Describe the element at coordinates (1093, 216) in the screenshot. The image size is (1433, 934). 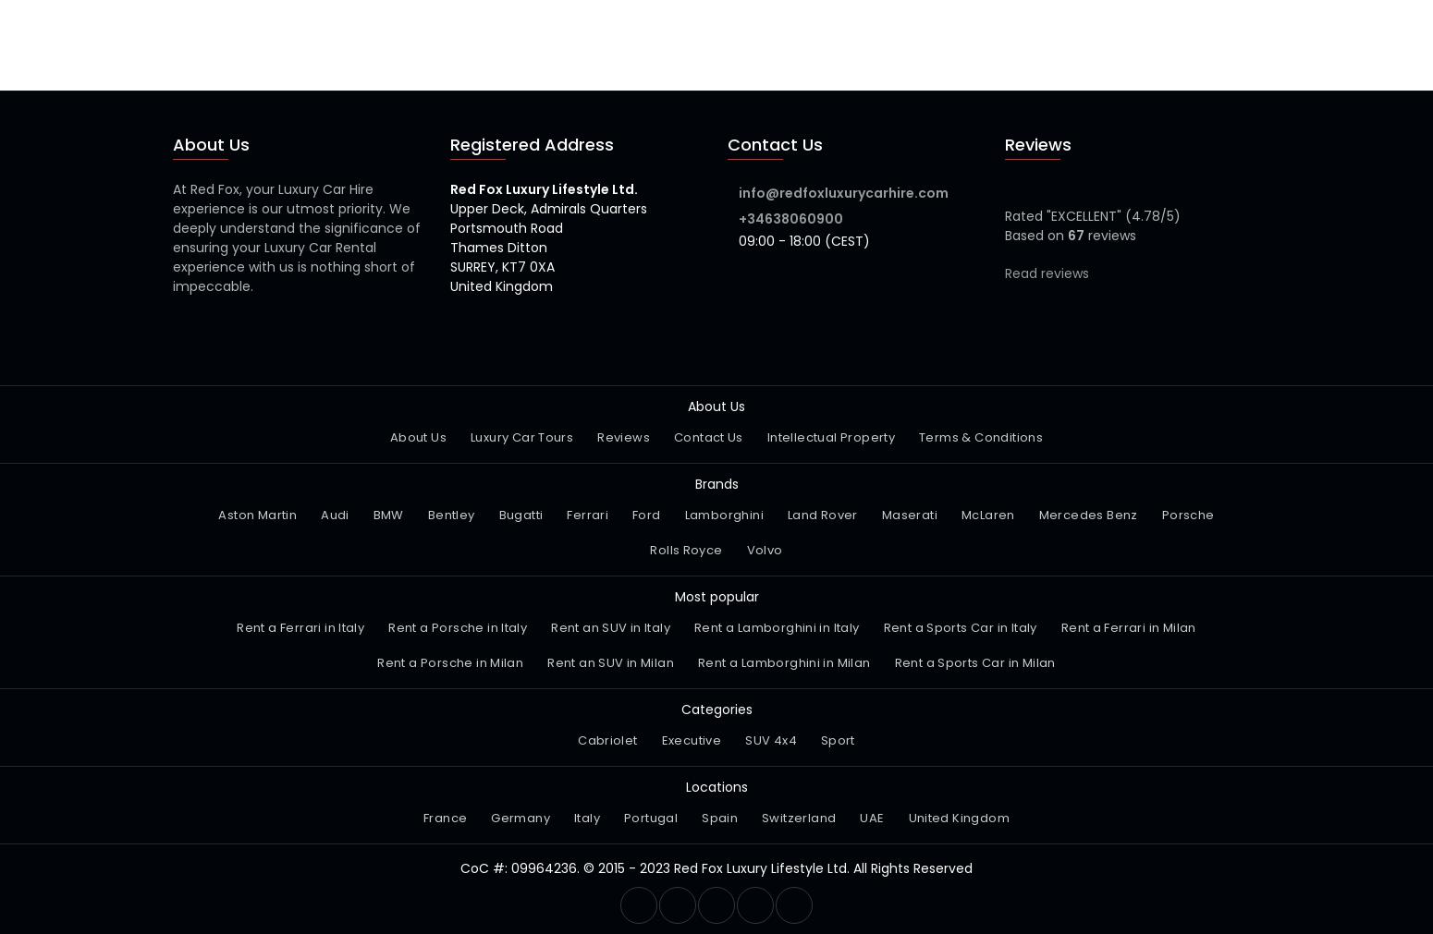
I see `'Rated "EXCELLENT" (4.78/5)'` at that location.